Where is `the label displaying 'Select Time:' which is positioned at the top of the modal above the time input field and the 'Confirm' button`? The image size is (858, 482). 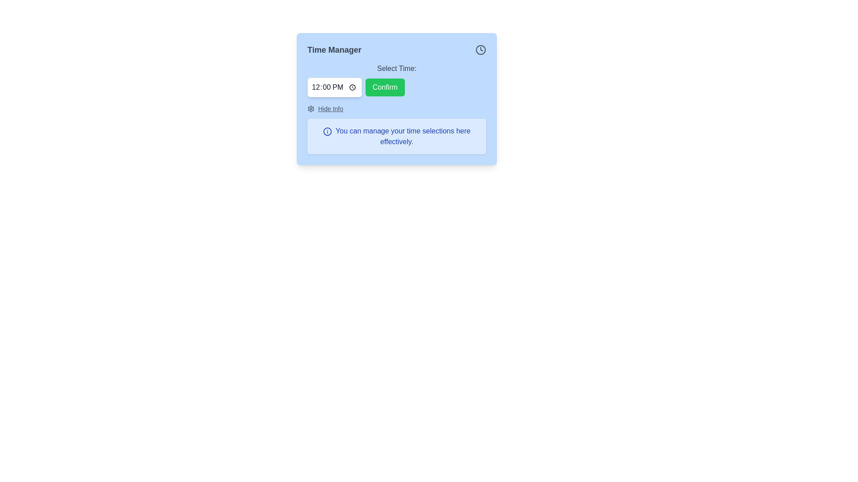 the label displaying 'Select Time:' which is positioned at the top of the modal above the time input field and the 'Confirm' button is located at coordinates (396, 68).